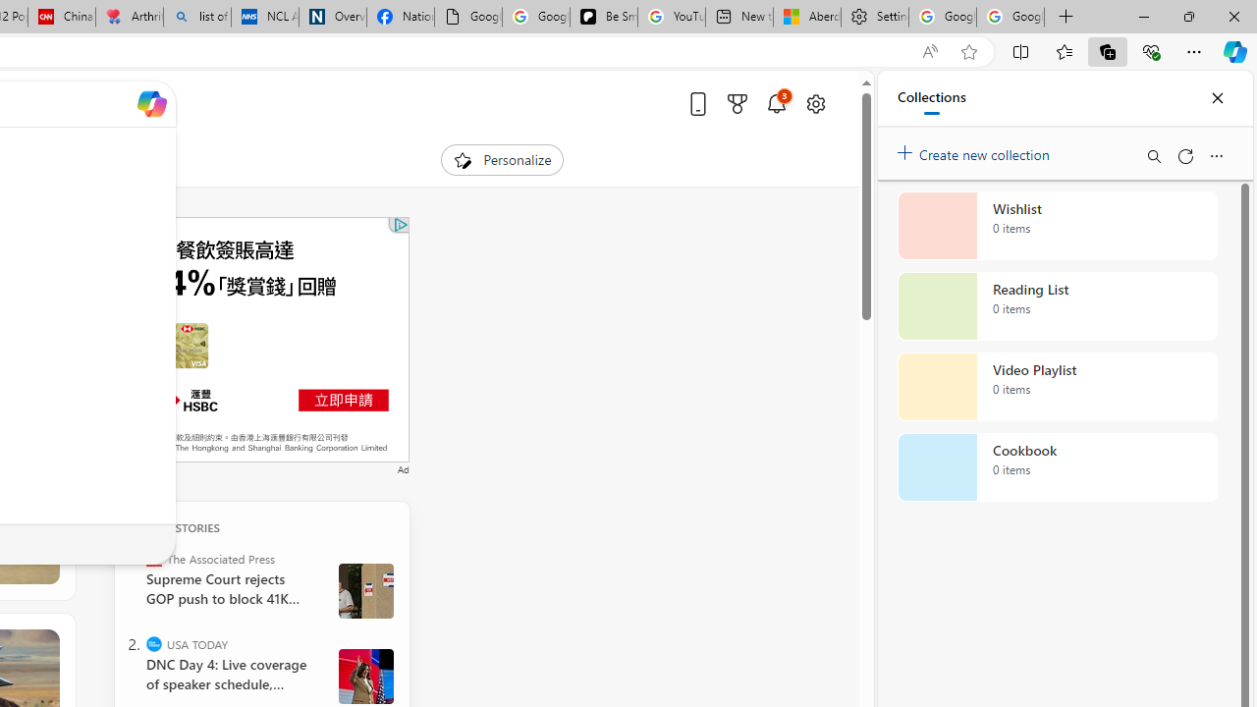 Image resolution: width=1257 pixels, height=707 pixels. Describe the element at coordinates (603, 17) in the screenshot. I see `'Be Smart | creating Science videos | Patreon'` at that location.